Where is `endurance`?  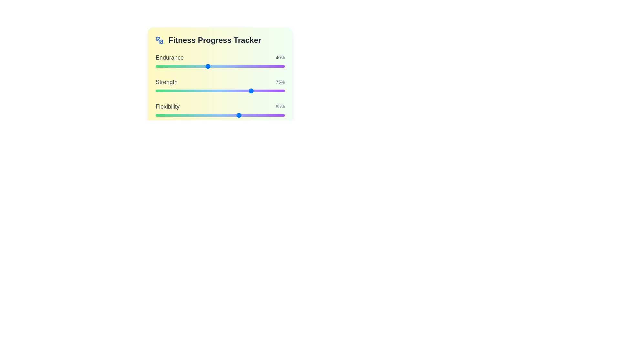
endurance is located at coordinates (226, 66).